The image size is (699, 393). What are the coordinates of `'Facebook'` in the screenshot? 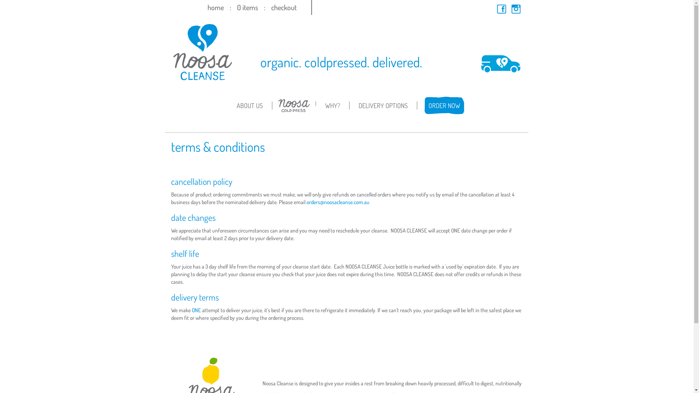 It's located at (501, 9).